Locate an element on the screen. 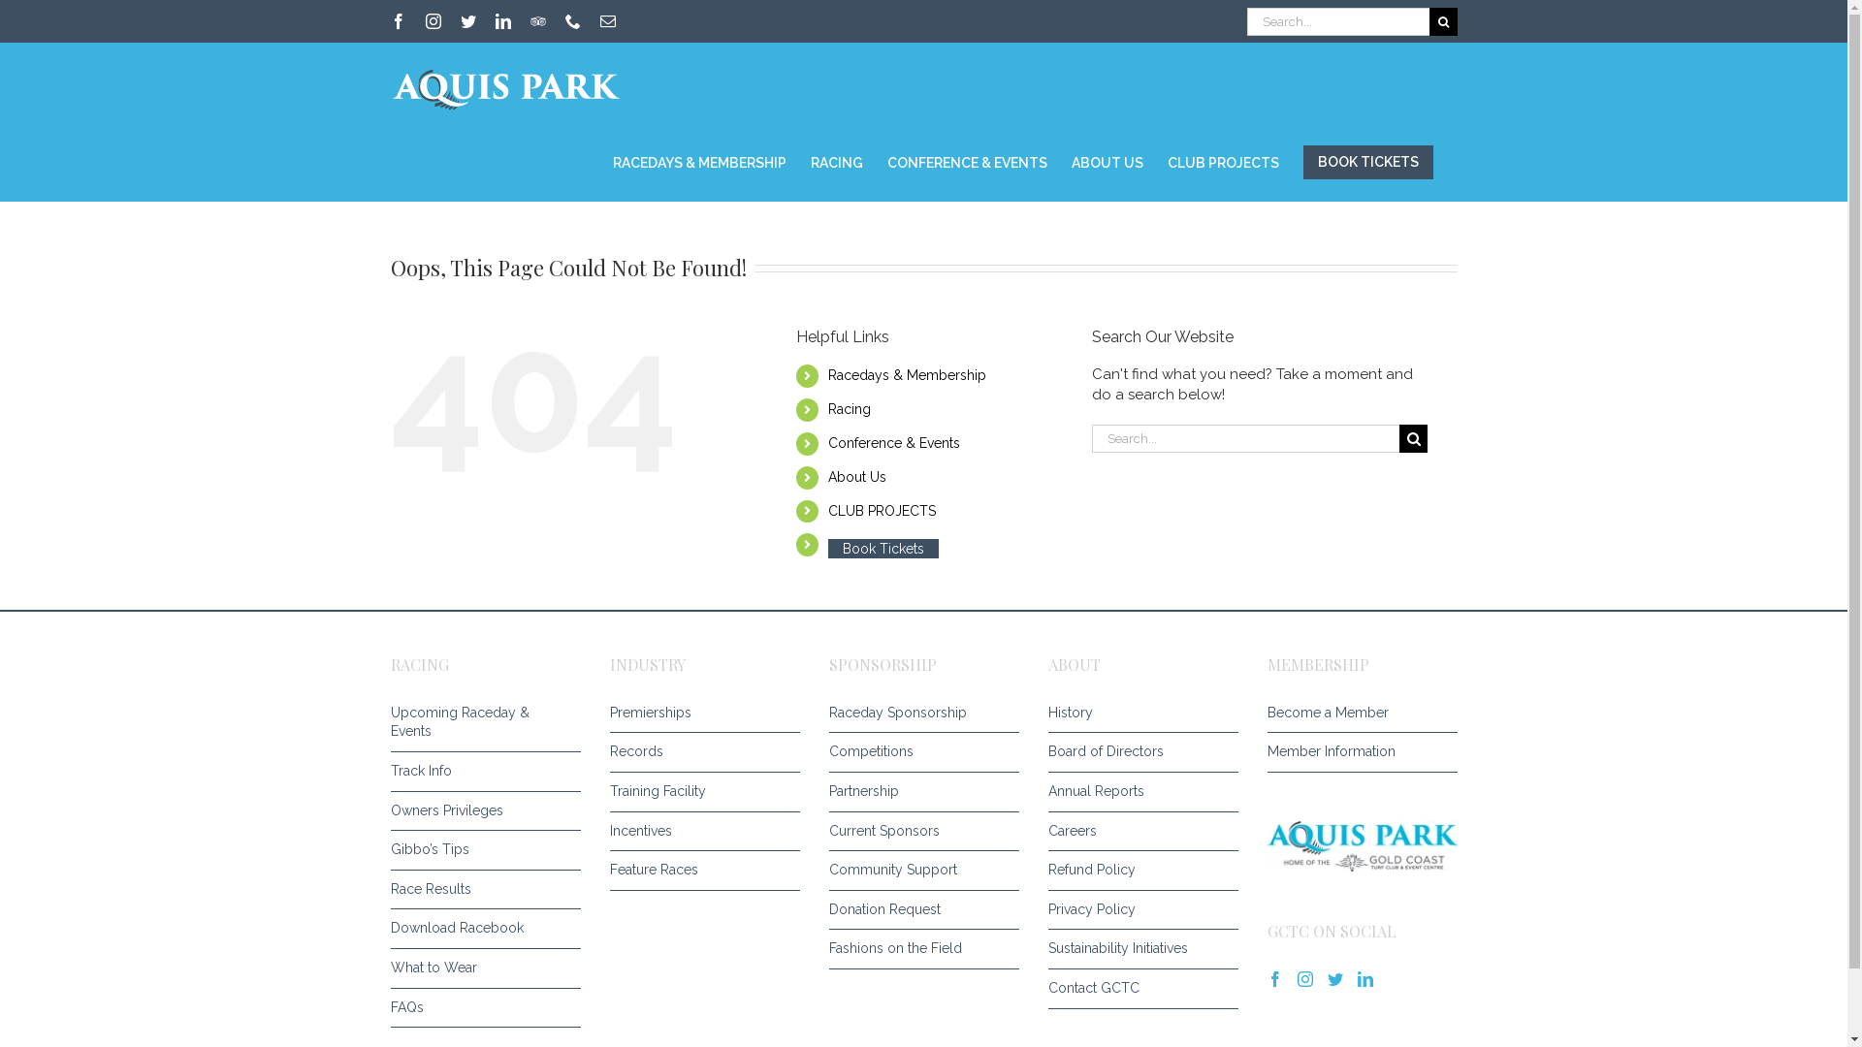 The height and width of the screenshot is (1047, 1862). 'Book Tickets' is located at coordinates (883, 549).